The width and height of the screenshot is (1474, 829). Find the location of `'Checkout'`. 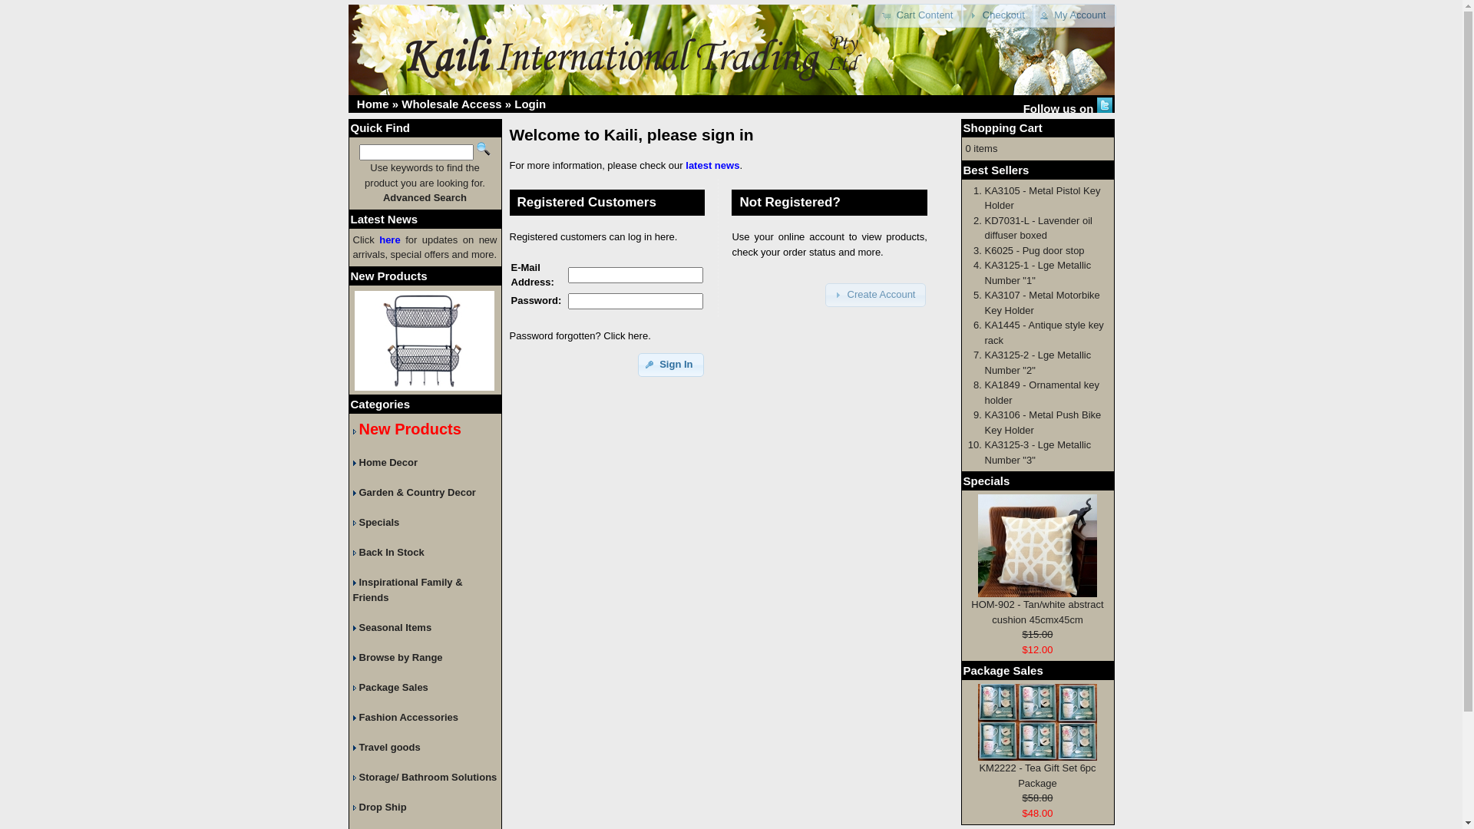

'Checkout' is located at coordinates (998, 15).